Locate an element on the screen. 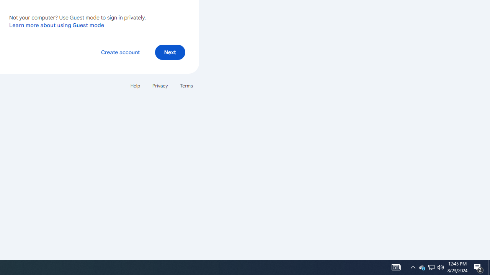 Image resolution: width=490 pixels, height=275 pixels. 'Create account' is located at coordinates (120, 52).